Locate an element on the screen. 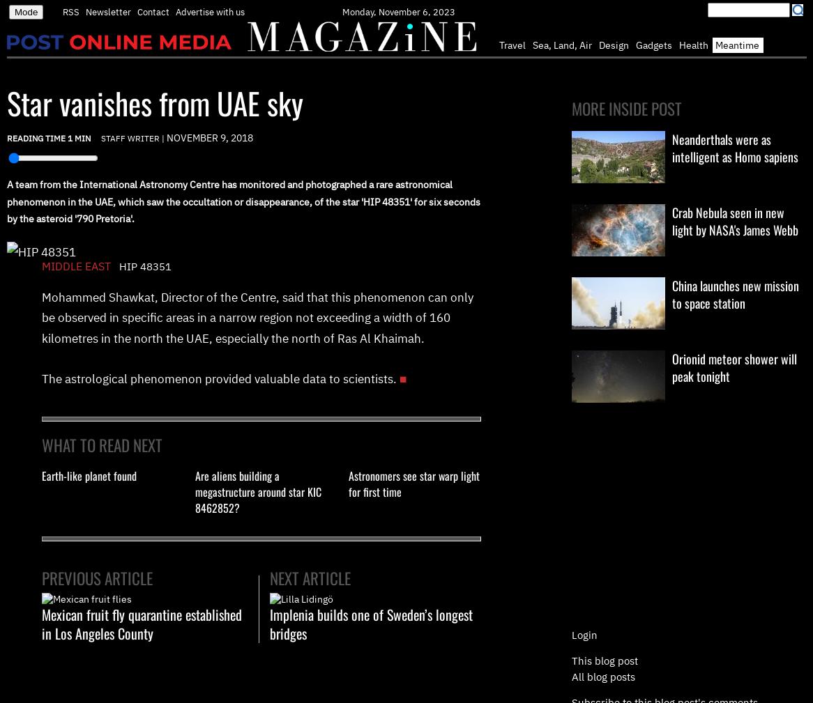  'Mohammed Shawkat, Director of the Centre, said that this phenomenon can only be observed in specific areas in a narrow region not exceeding a width of 160 kilometres in the north the UAE, especially the north of Ras Al Khaimah.' is located at coordinates (257, 316).